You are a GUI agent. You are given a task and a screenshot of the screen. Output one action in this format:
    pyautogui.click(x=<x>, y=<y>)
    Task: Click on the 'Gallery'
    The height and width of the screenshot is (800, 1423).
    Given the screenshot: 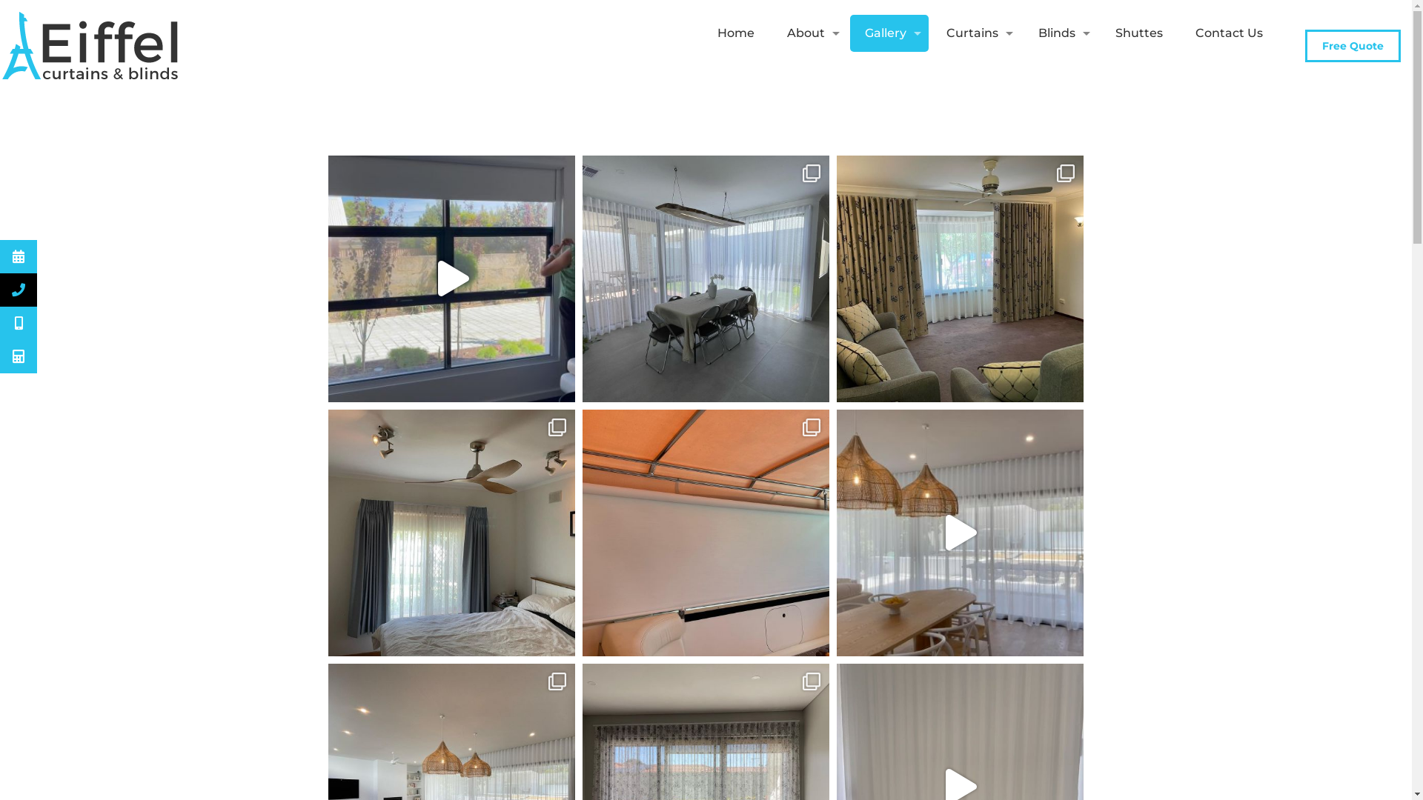 What is the action you would take?
    pyautogui.click(x=889, y=33)
    